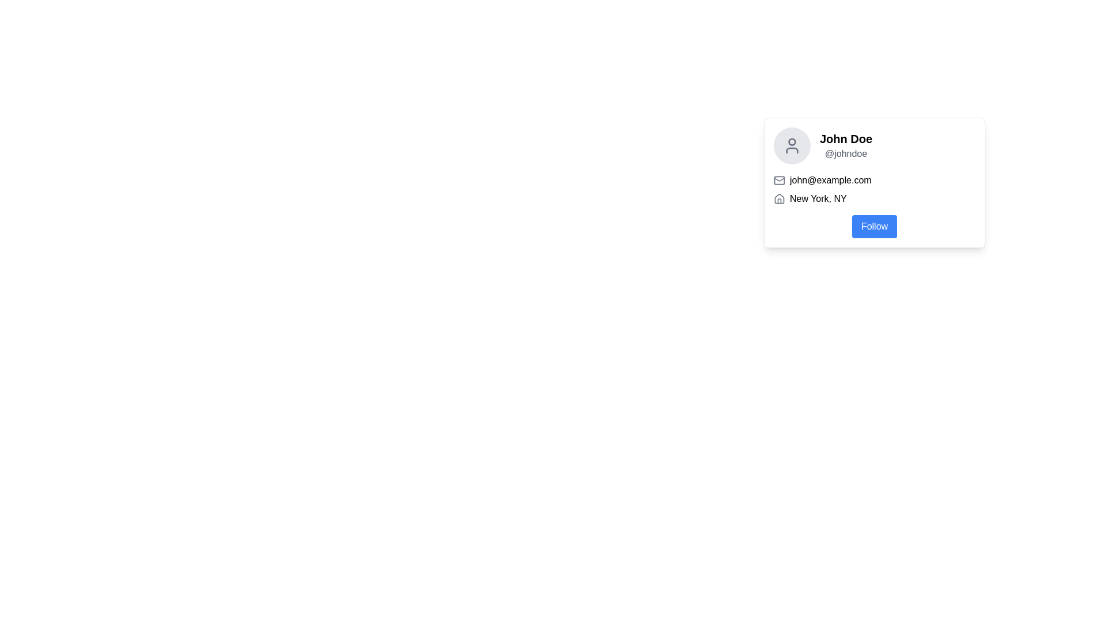 The height and width of the screenshot is (623, 1107). What do you see at coordinates (791, 145) in the screenshot?
I see `the circular user profile icon displaying a generic person silhouette with a light gray background located next to the text 'John Doe @johndoe'` at bounding box center [791, 145].